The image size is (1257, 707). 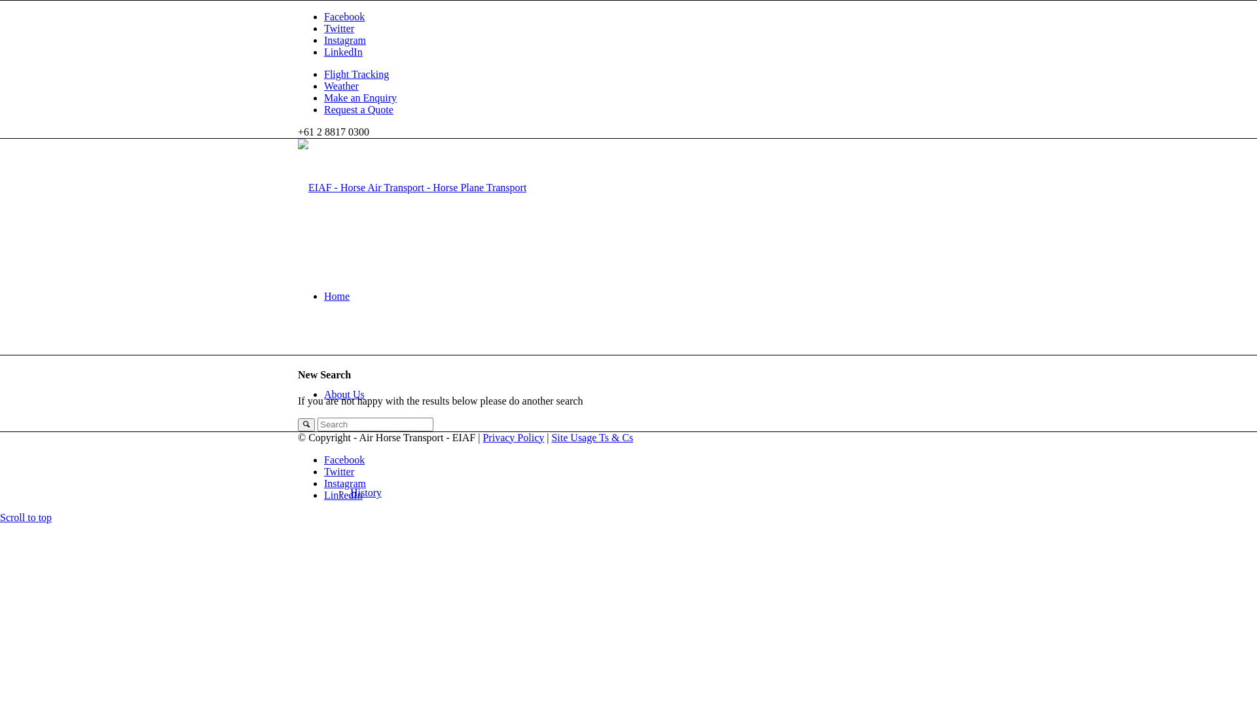 What do you see at coordinates (345, 483) in the screenshot?
I see `'Instagram'` at bounding box center [345, 483].